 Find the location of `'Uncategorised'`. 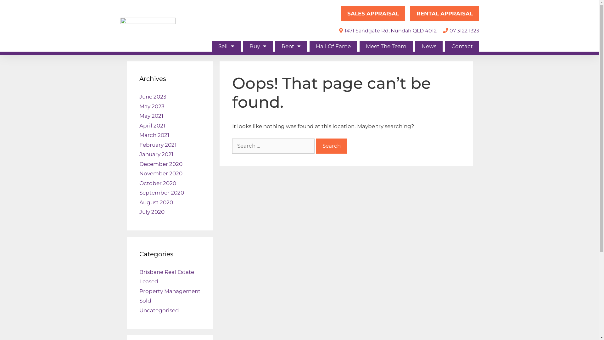

'Uncategorised' is located at coordinates (159, 310).